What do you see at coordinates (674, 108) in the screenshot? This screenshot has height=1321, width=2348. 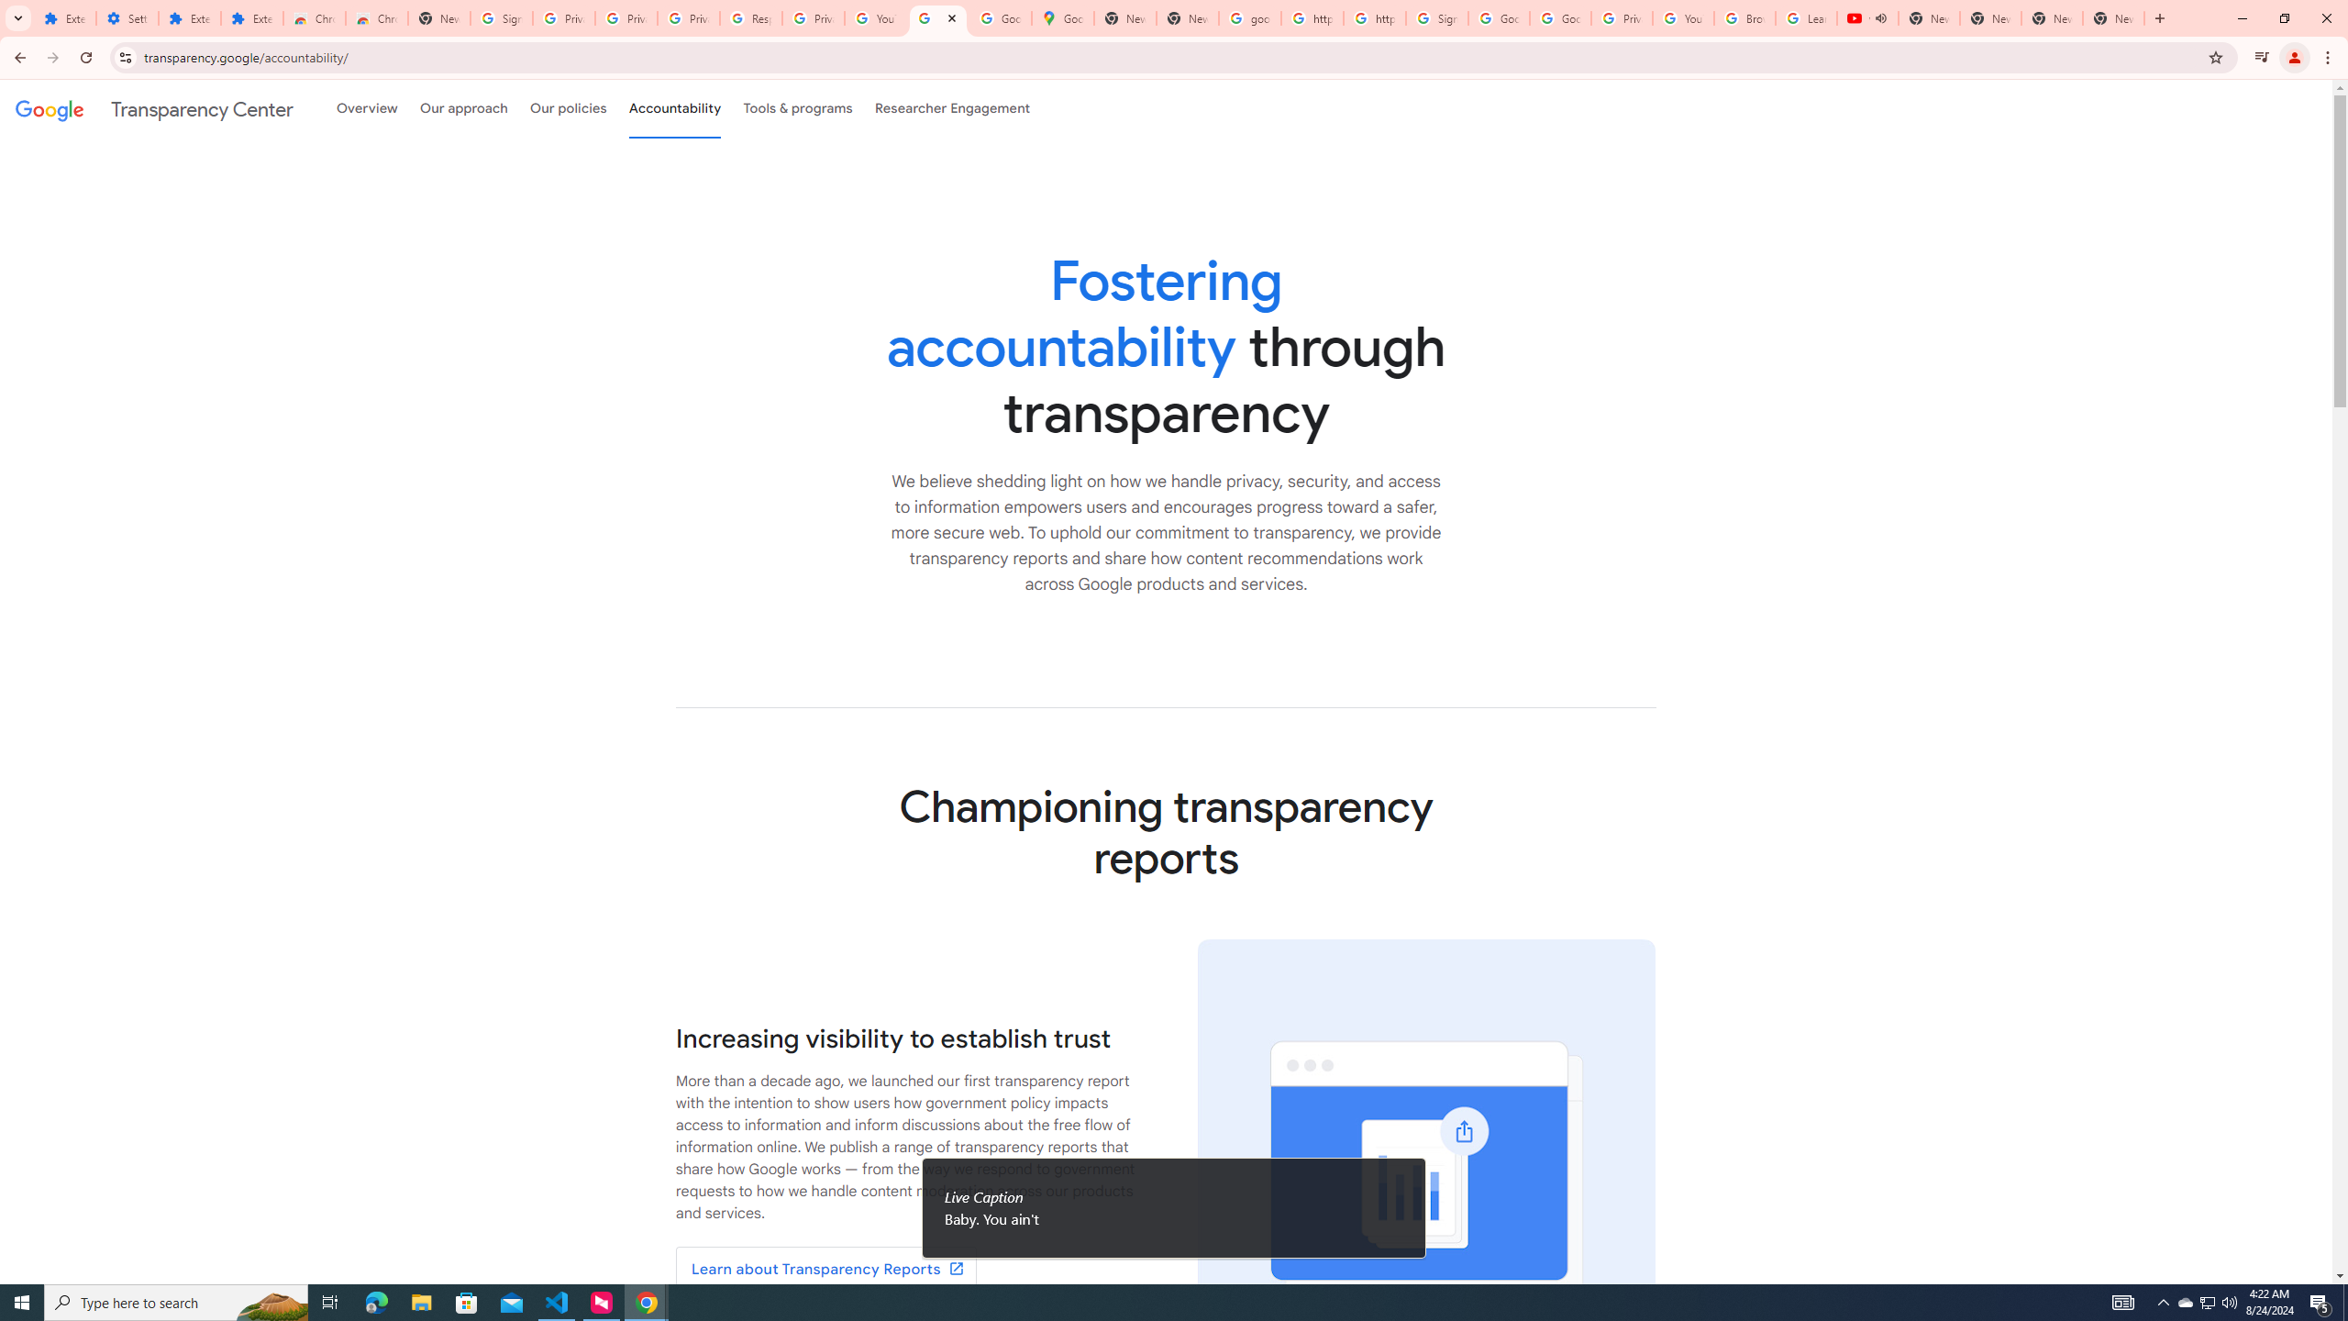 I see `'Accountability'` at bounding box center [674, 108].